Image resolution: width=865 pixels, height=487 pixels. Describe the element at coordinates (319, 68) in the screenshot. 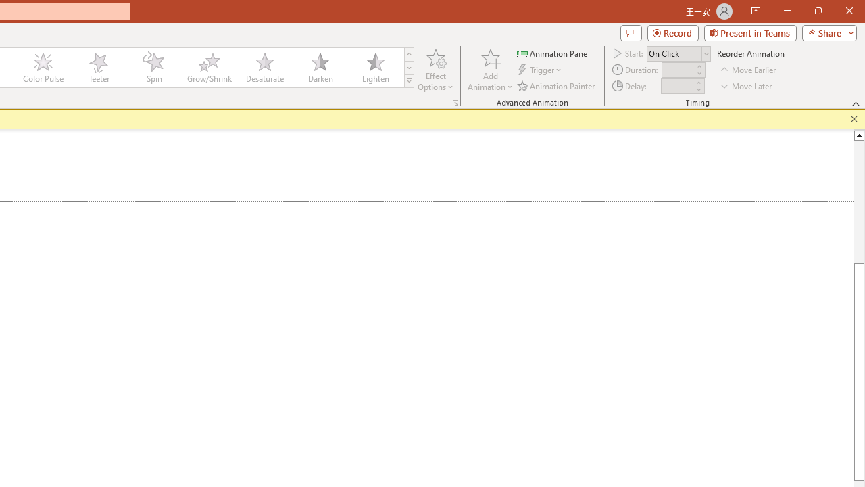

I see `'Darken'` at that location.